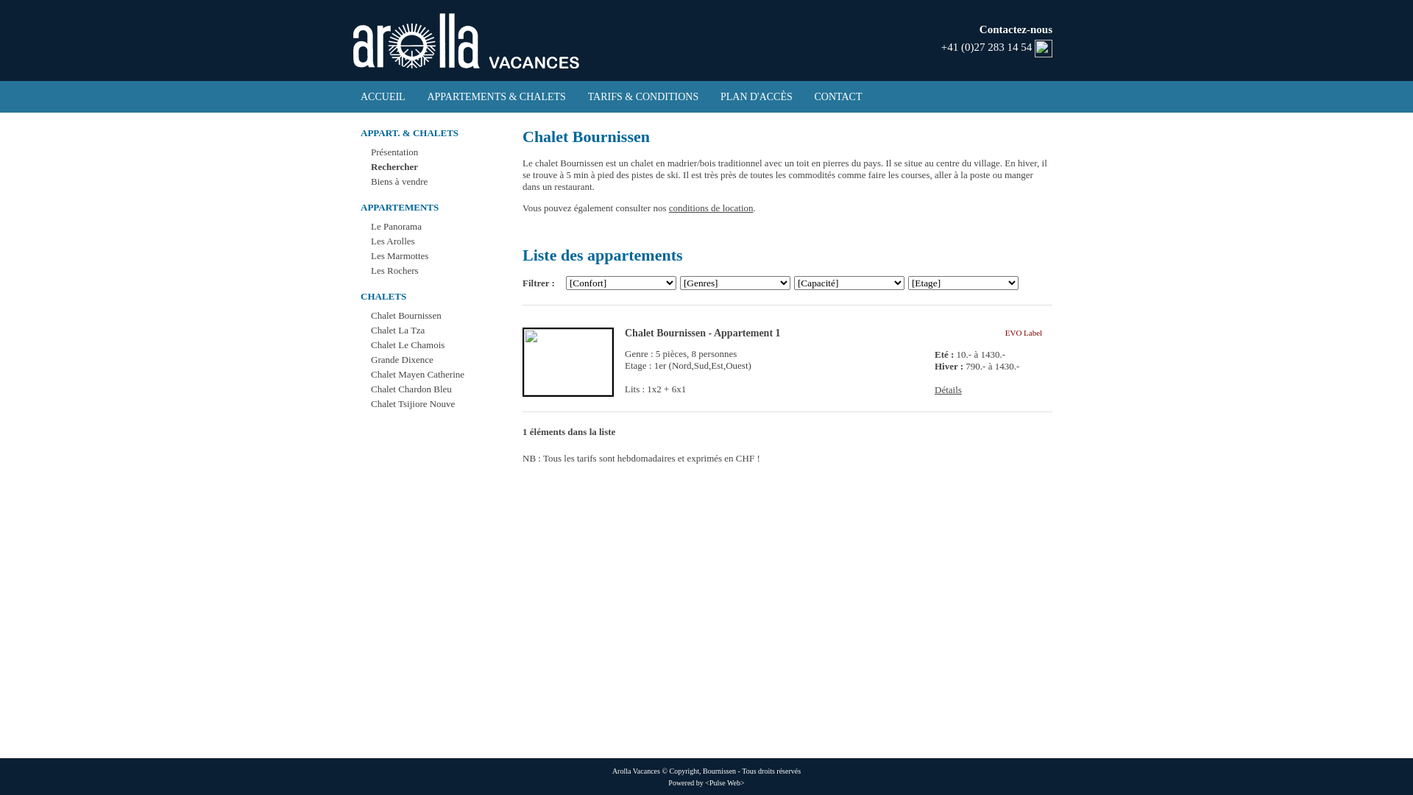 The image size is (1413, 795). Describe the element at coordinates (383, 96) in the screenshot. I see `'ACCUEIL'` at that location.